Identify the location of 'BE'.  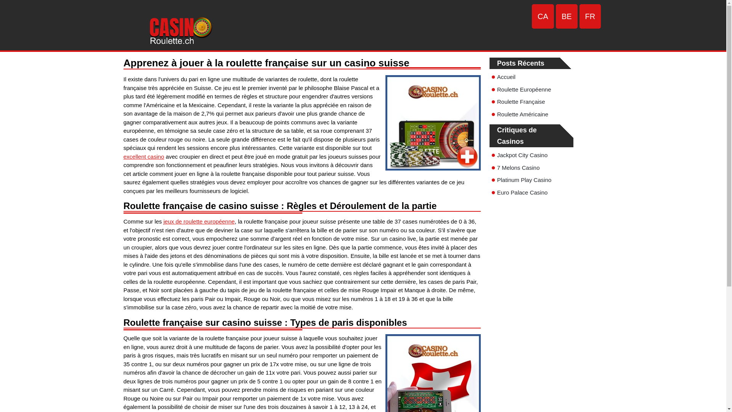
(567, 16).